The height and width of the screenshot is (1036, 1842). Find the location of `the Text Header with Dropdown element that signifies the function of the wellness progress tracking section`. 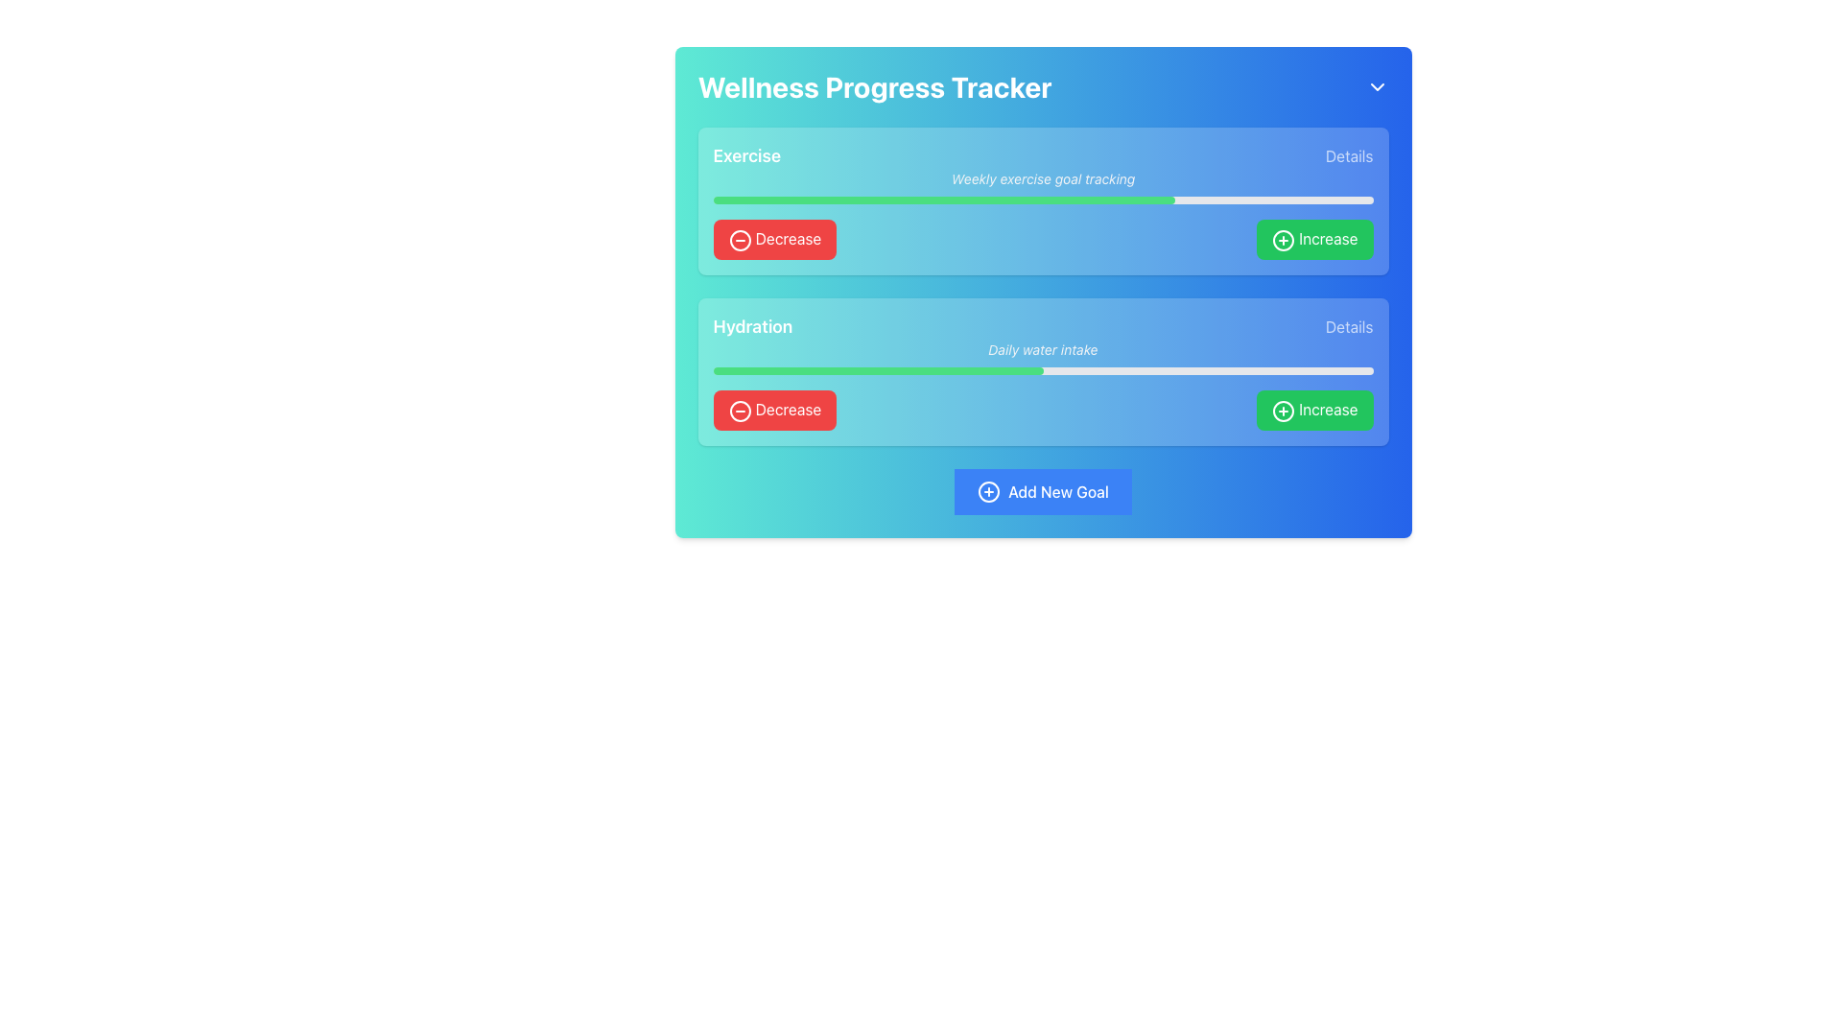

the Text Header with Dropdown element that signifies the function of the wellness progress tracking section is located at coordinates (1042, 87).